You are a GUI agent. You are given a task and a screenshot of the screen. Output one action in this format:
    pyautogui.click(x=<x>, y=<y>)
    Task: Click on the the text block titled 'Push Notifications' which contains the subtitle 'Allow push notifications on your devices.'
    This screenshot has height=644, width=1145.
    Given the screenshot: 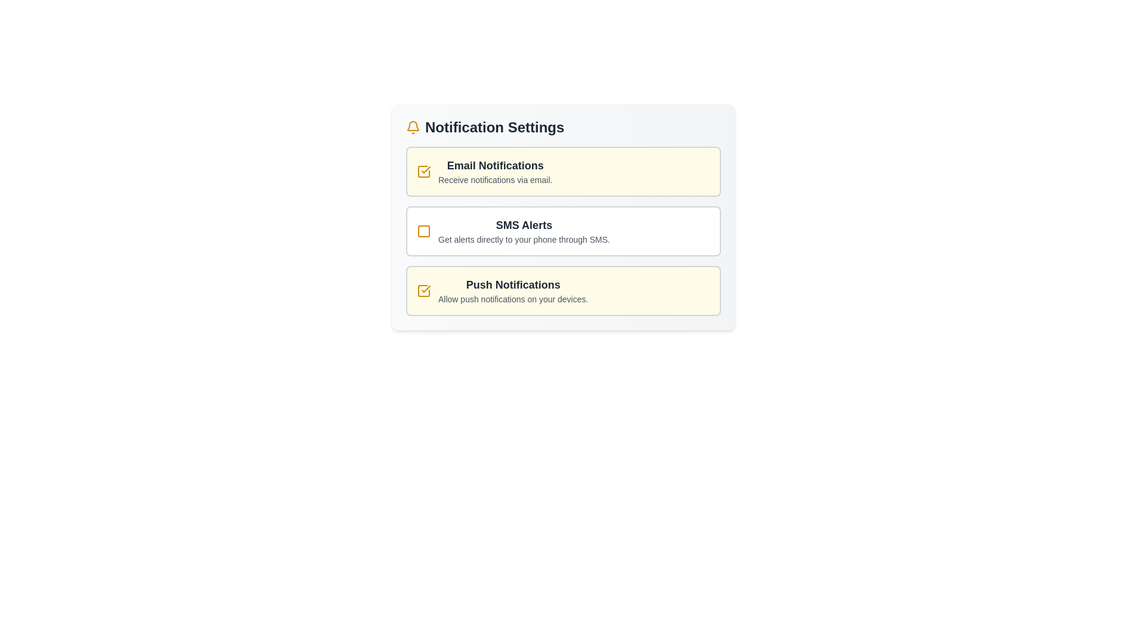 What is the action you would take?
    pyautogui.click(x=513, y=291)
    